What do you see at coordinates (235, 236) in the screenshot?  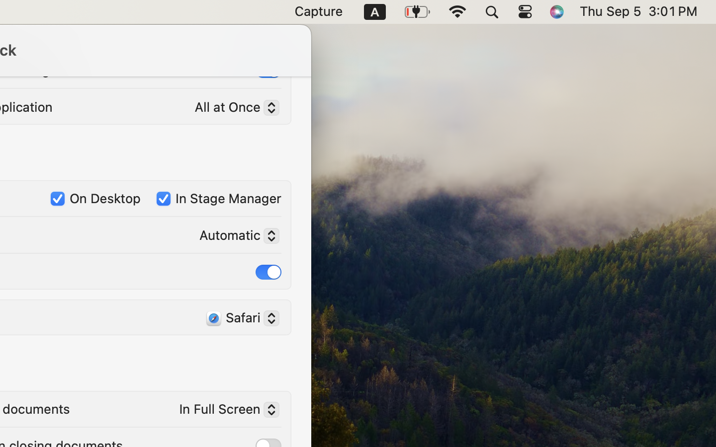 I see `'Automatic'` at bounding box center [235, 236].